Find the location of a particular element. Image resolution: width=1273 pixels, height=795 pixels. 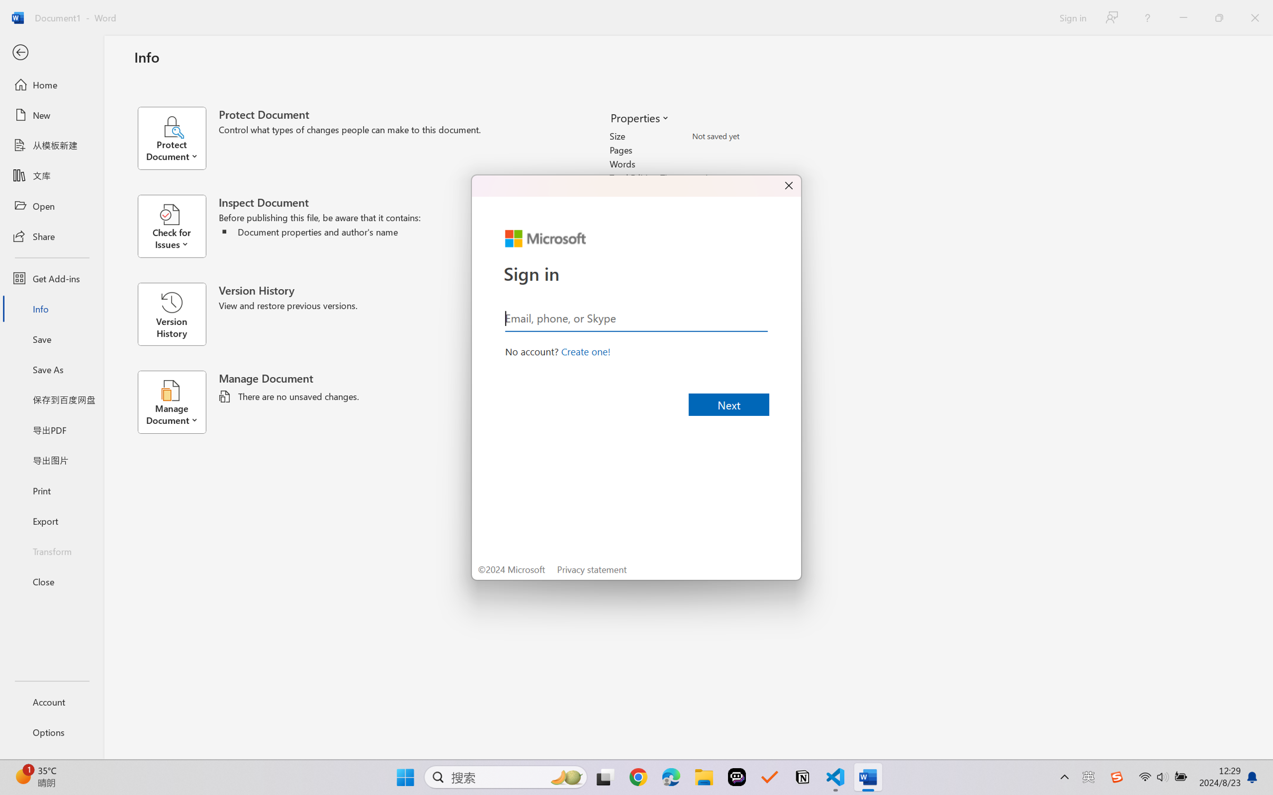

'Back' is located at coordinates (51, 53).